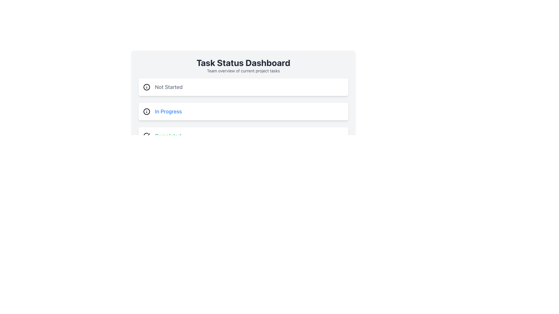 The height and width of the screenshot is (314, 559). What do you see at coordinates (147, 136) in the screenshot?
I see `the SVG icon representing a circle with a checkmark inside, which indicates completed tasks` at bounding box center [147, 136].